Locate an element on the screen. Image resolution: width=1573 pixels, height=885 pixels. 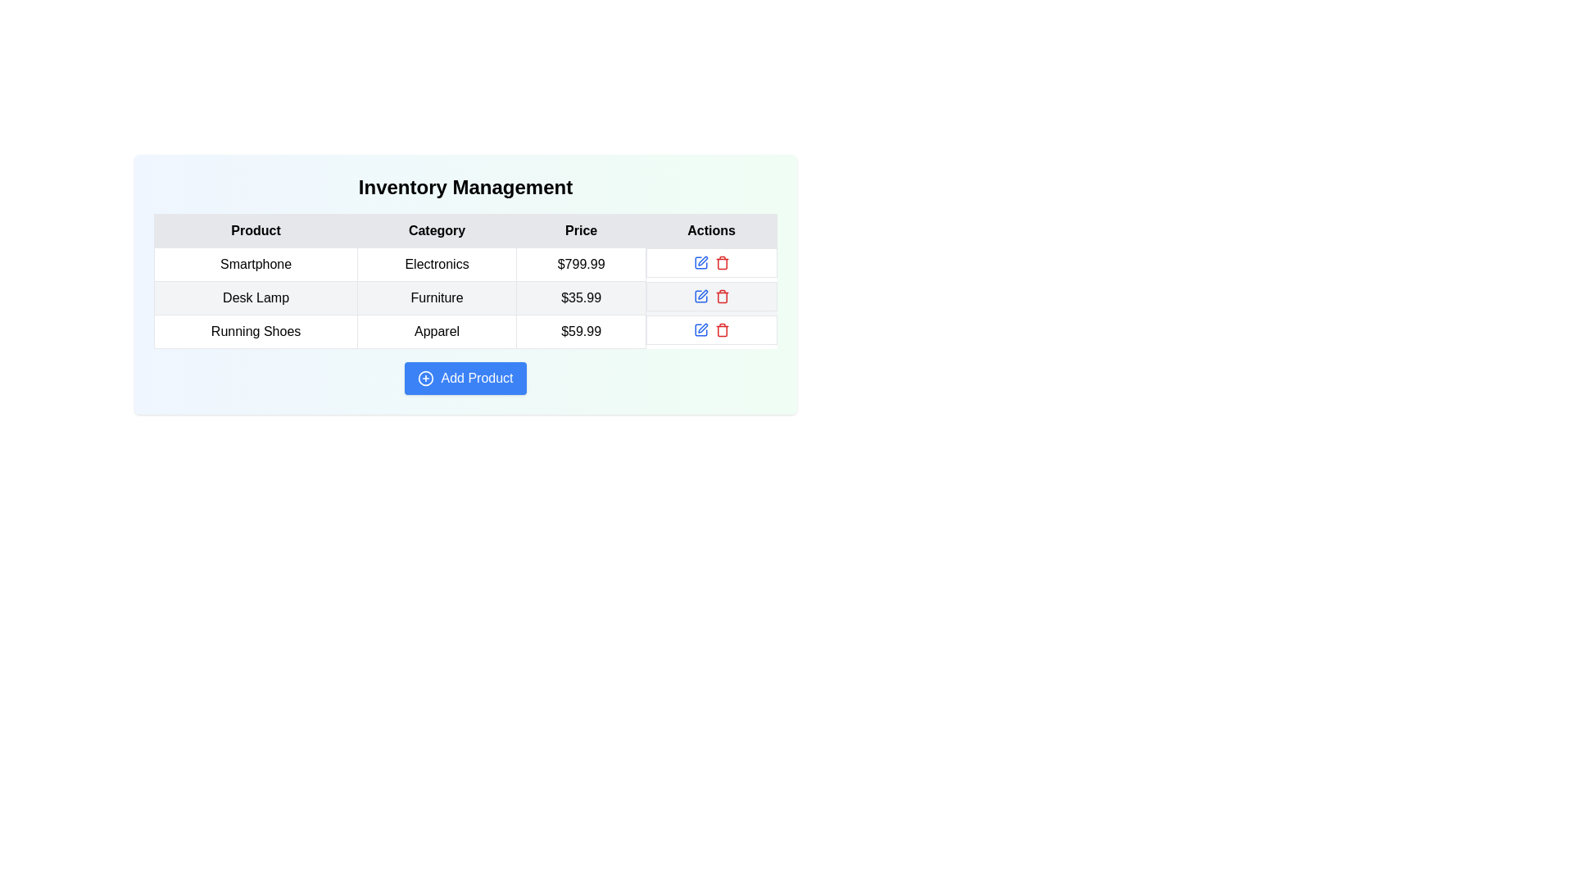
the edit icon button in the 'Actions' column of the second row associated with the 'Desk Lamp' entry to initiate the edit process is located at coordinates (703, 293).